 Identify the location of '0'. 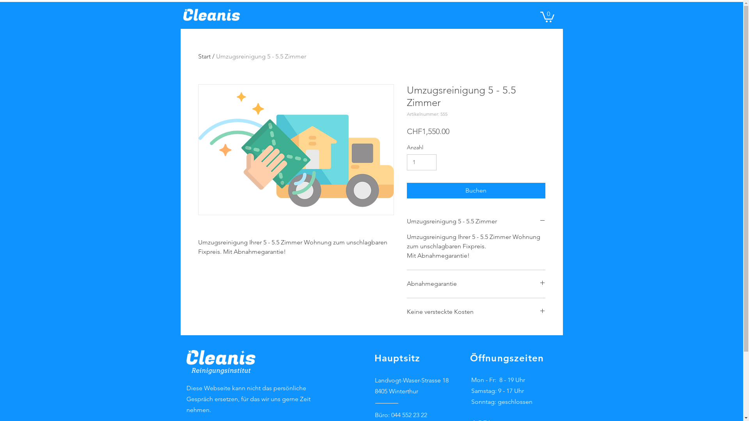
(539, 16).